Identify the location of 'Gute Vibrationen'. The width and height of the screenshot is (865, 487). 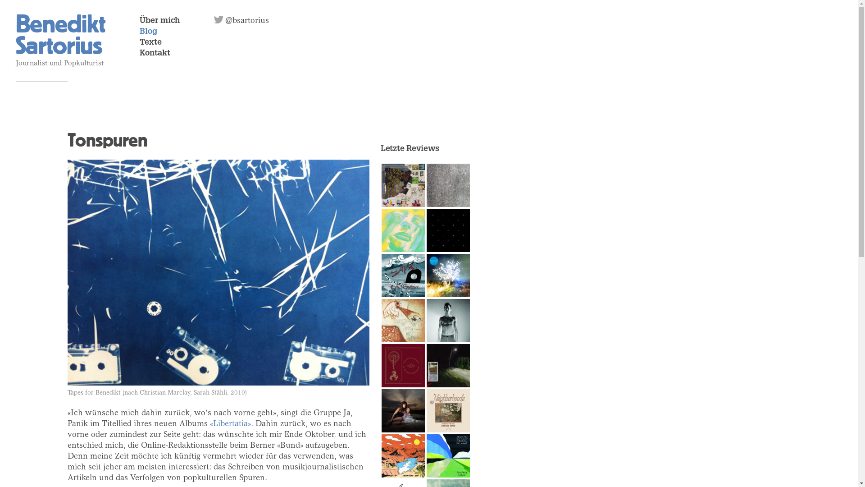
(402, 455).